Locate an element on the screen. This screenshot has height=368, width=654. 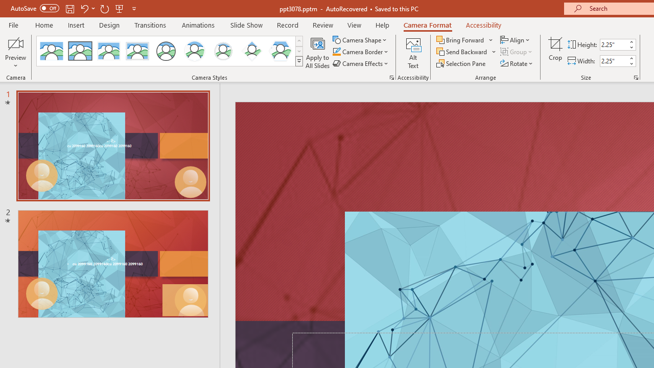
'Camera Shape' is located at coordinates (360, 39).